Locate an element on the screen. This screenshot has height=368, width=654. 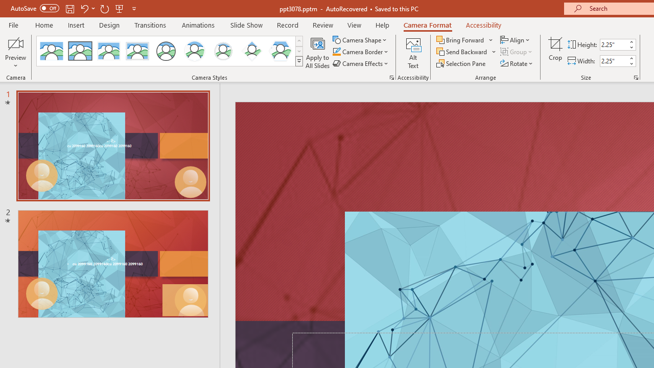
'Camera Shape' is located at coordinates (360, 39).